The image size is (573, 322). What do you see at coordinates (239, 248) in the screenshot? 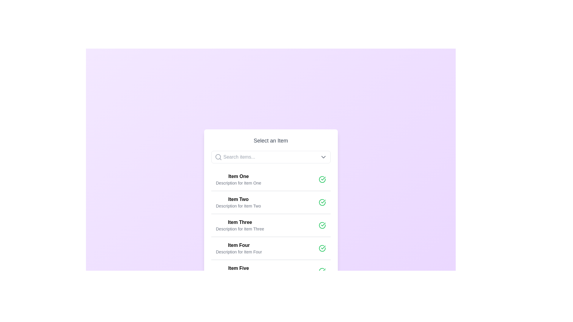
I see `to select the fourth item in the list located in the modal, positioned between 'Item Three' and 'Item Five'` at bounding box center [239, 248].